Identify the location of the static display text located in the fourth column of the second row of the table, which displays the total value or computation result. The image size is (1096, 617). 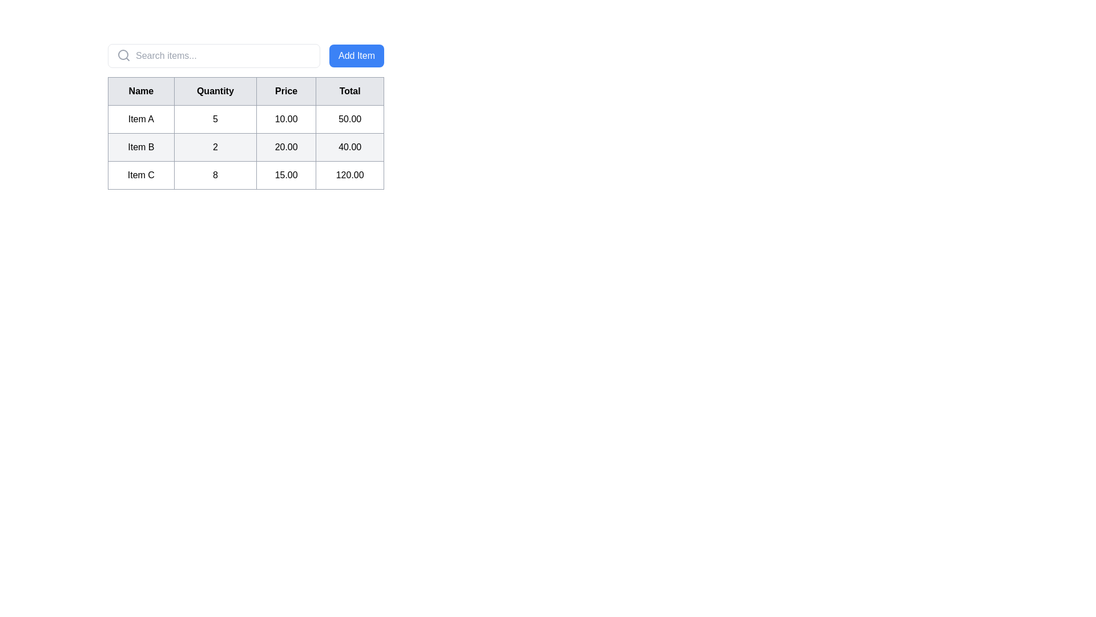
(349, 147).